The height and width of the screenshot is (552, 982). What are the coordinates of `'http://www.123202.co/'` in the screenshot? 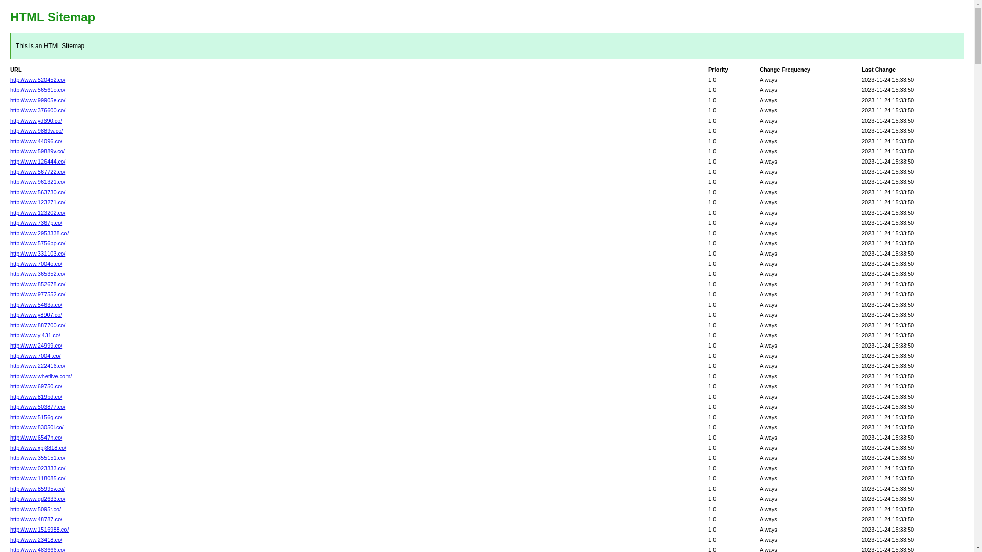 It's located at (37, 212).